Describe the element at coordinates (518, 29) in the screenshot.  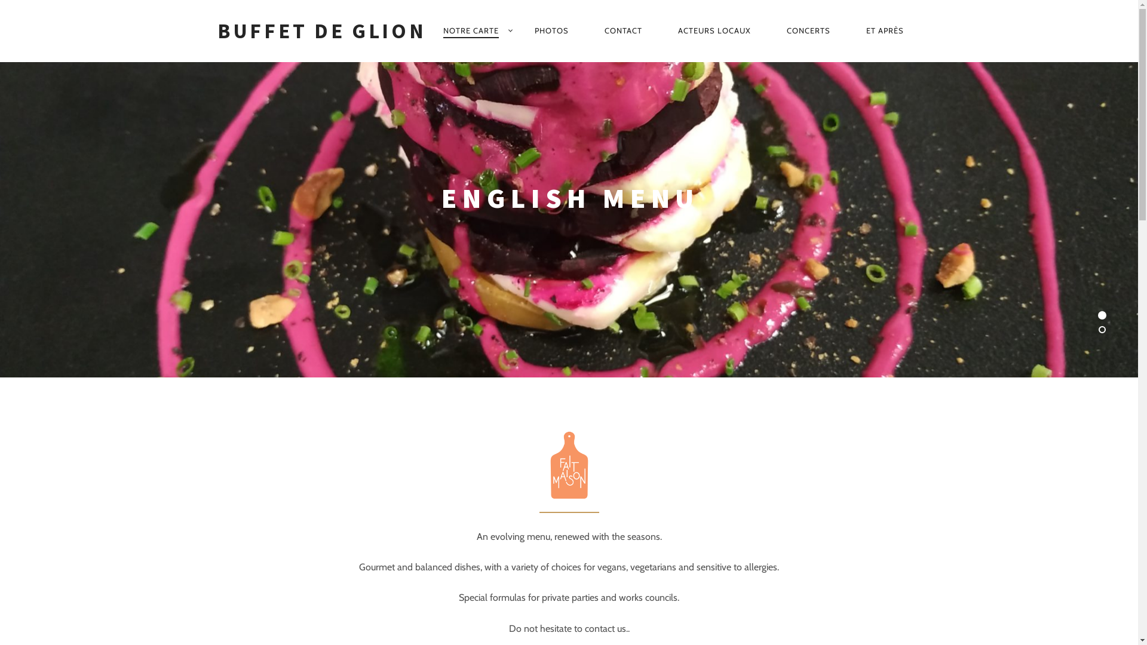
I see `'PHOTOS'` at that location.